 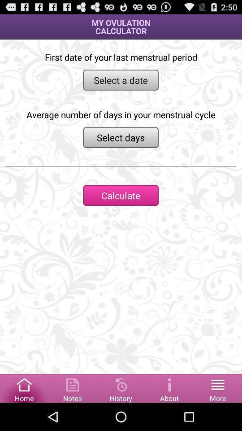 I want to click on show history, so click(x=121, y=387).